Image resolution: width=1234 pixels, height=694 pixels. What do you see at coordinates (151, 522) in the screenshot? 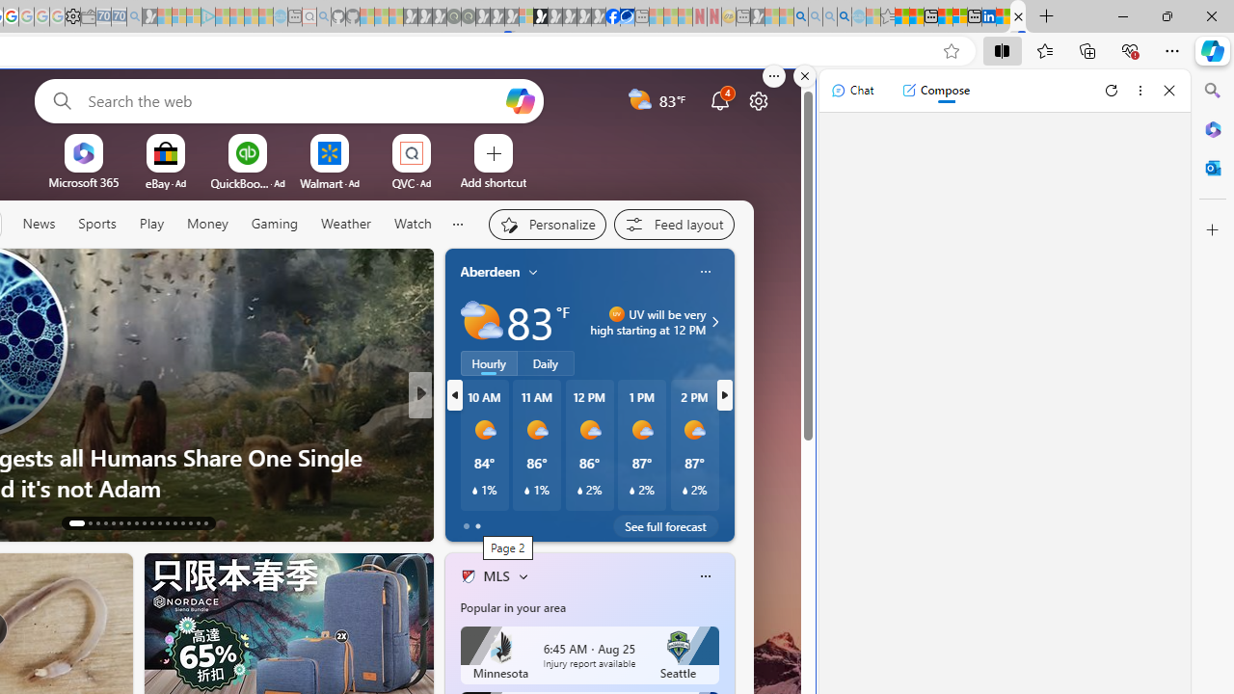
I see `'AutomationID: tab-22'` at bounding box center [151, 522].